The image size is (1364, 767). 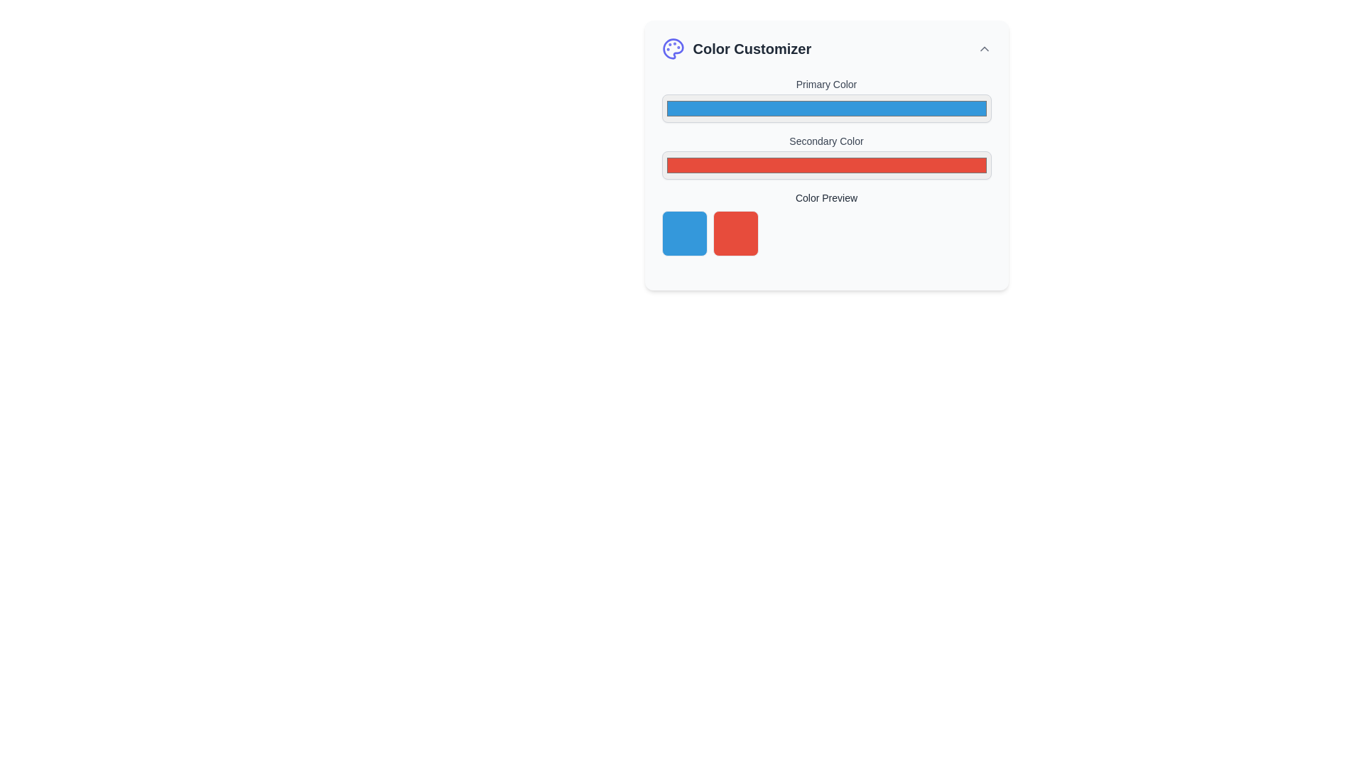 What do you see at coordinates (983, 48) in the screenshot?
I see `the interactive upward arrow icon at the top-right corner of the 'Color Customizer' section header` at bounding box center [983, 48].